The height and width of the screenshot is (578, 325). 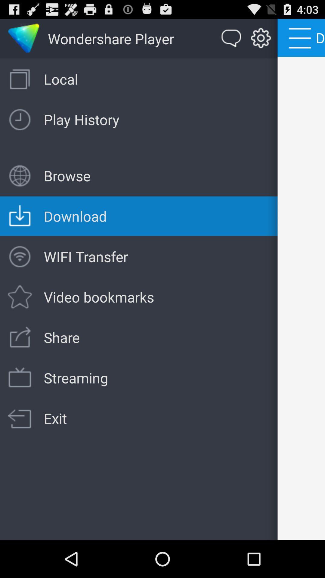 What do you see at coordinates (261, 38) in the screenshot?
I see `the second icon next to wondershare player` at bounding box center [261, 38].